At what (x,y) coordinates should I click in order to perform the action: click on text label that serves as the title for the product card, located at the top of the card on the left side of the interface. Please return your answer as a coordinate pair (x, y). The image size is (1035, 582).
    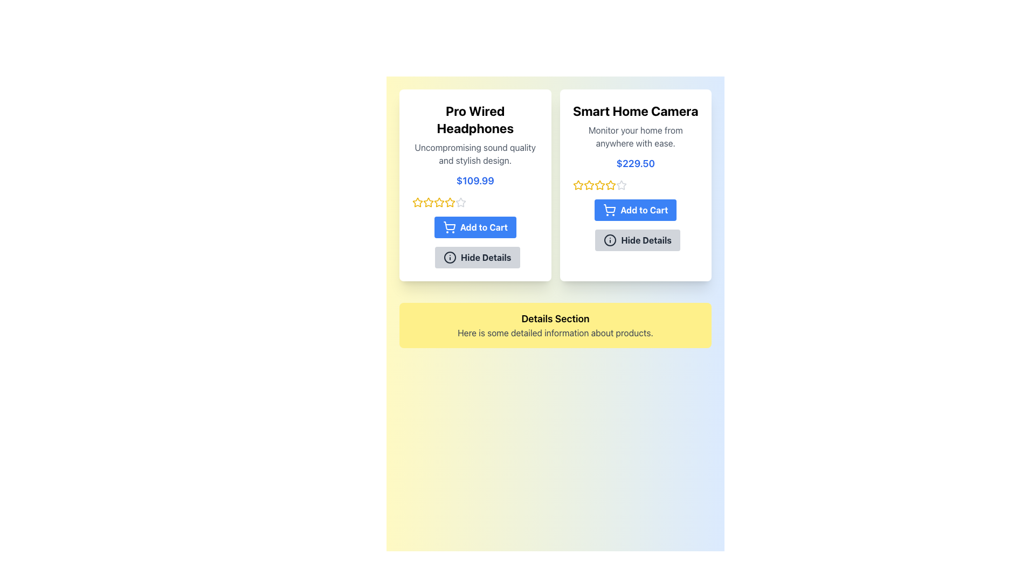
    Looking at the image, I should click on (474, 120).